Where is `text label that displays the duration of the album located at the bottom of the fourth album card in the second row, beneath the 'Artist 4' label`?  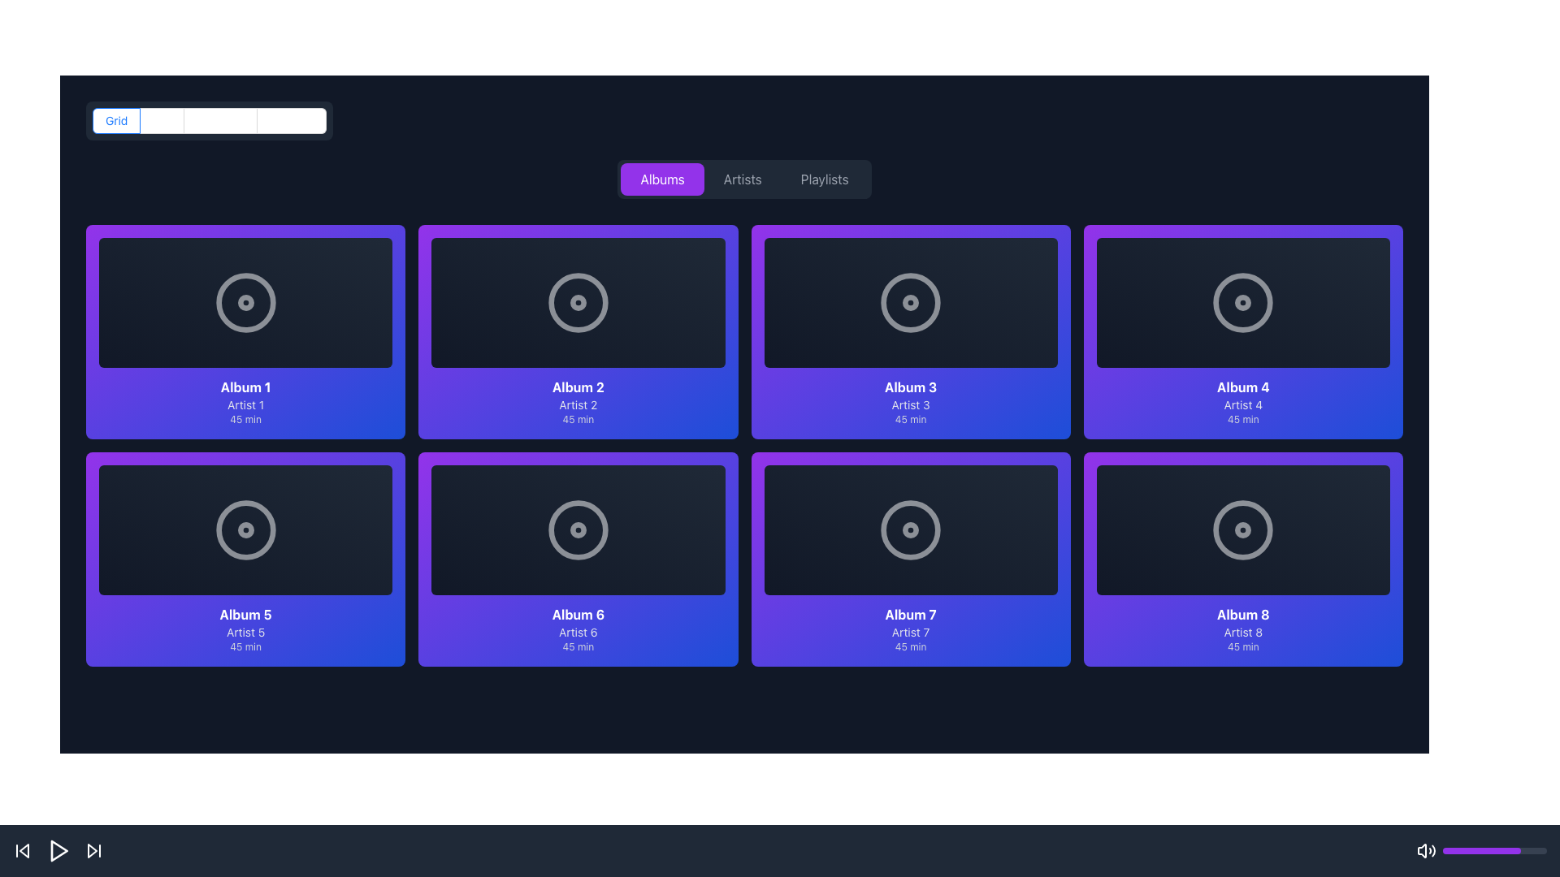
text label that displays the duration of the album located at the bottom of the fourth album card in the second row, beneath the 'Artist 4' label is located at coordinates (1242, 418).